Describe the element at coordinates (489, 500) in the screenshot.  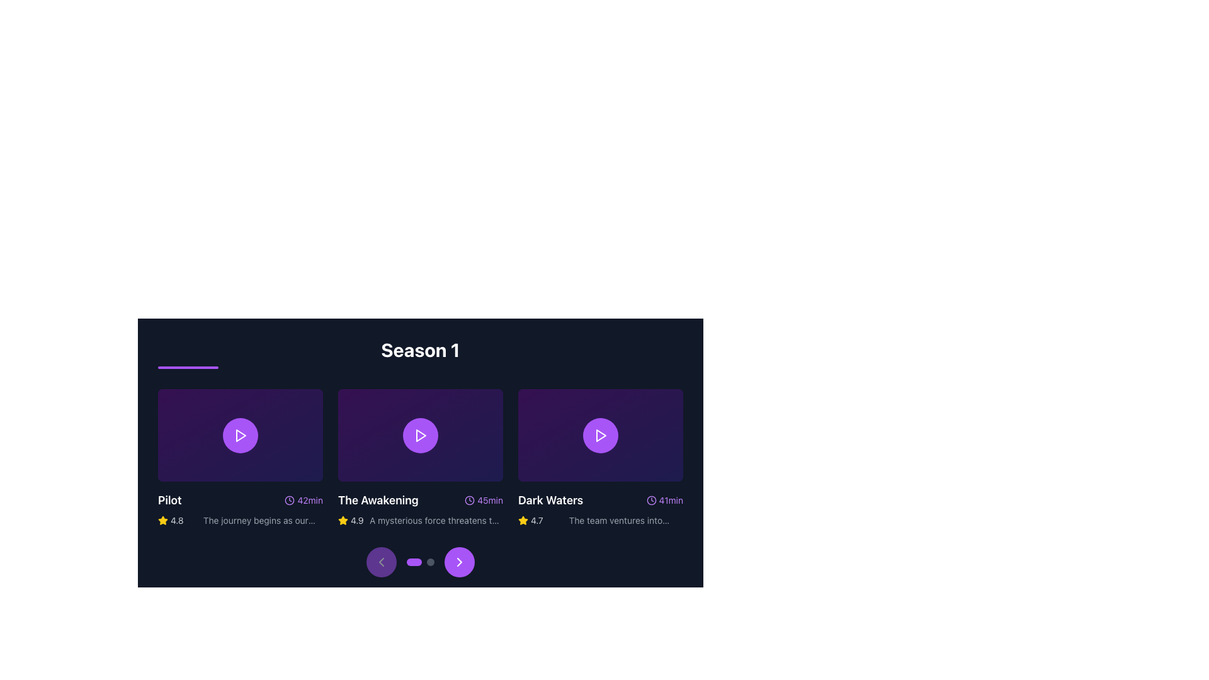
I see `the Label displaying '45min', which is styled in purple and located below 'The Awakening' card, to the right of the clock icon` at that location.